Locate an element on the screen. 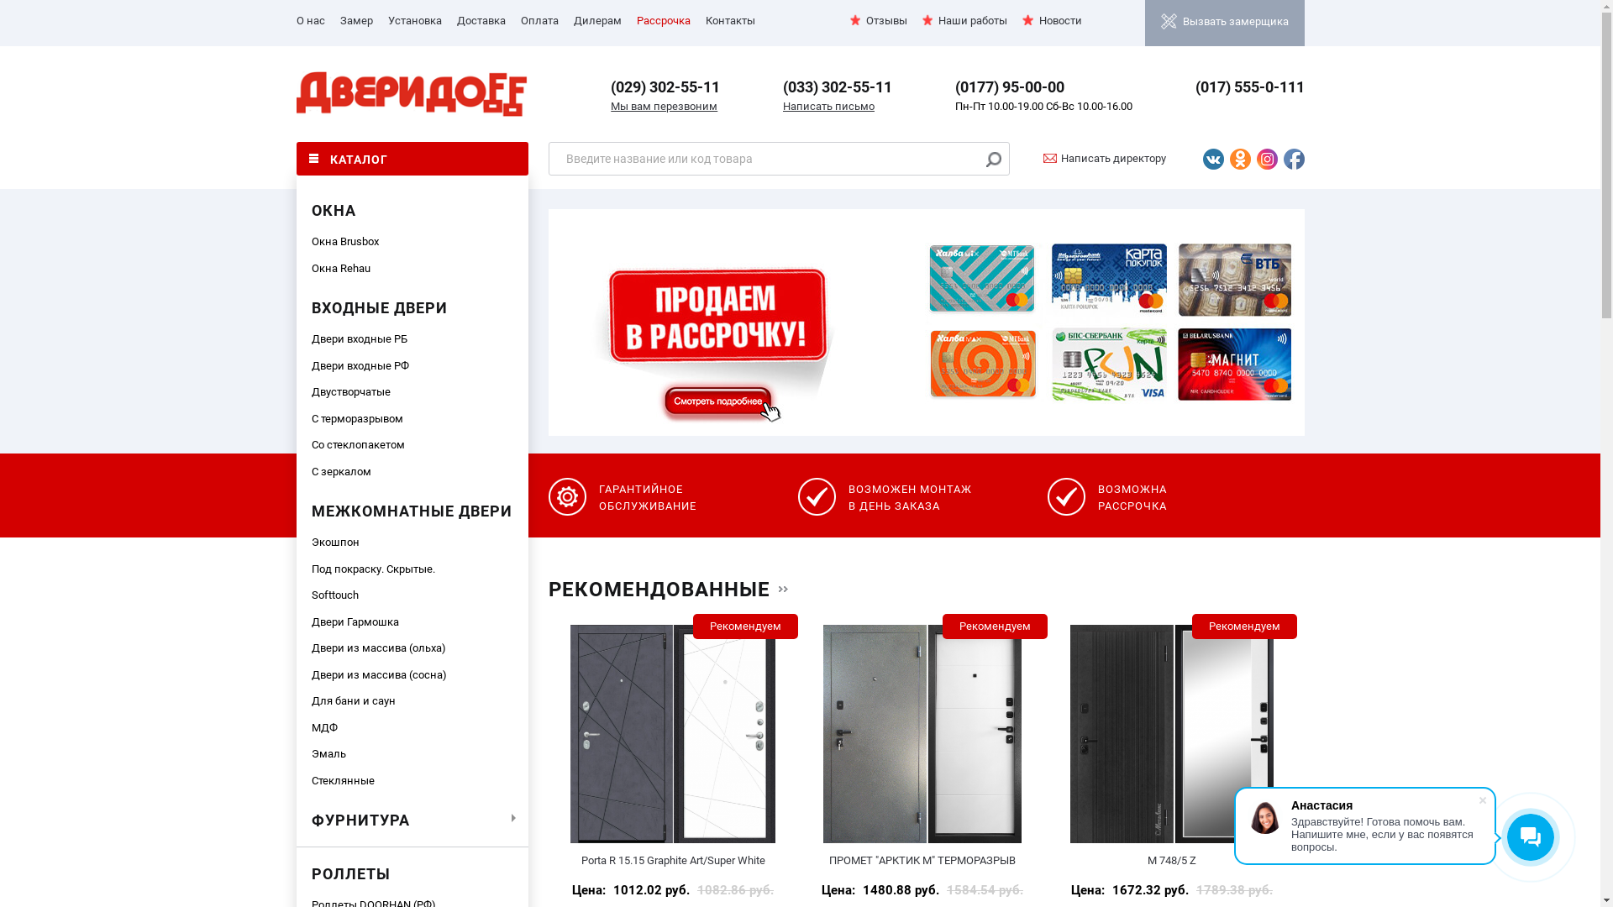  '(017) 555-0-111' is located at coordinates (1249, 87).